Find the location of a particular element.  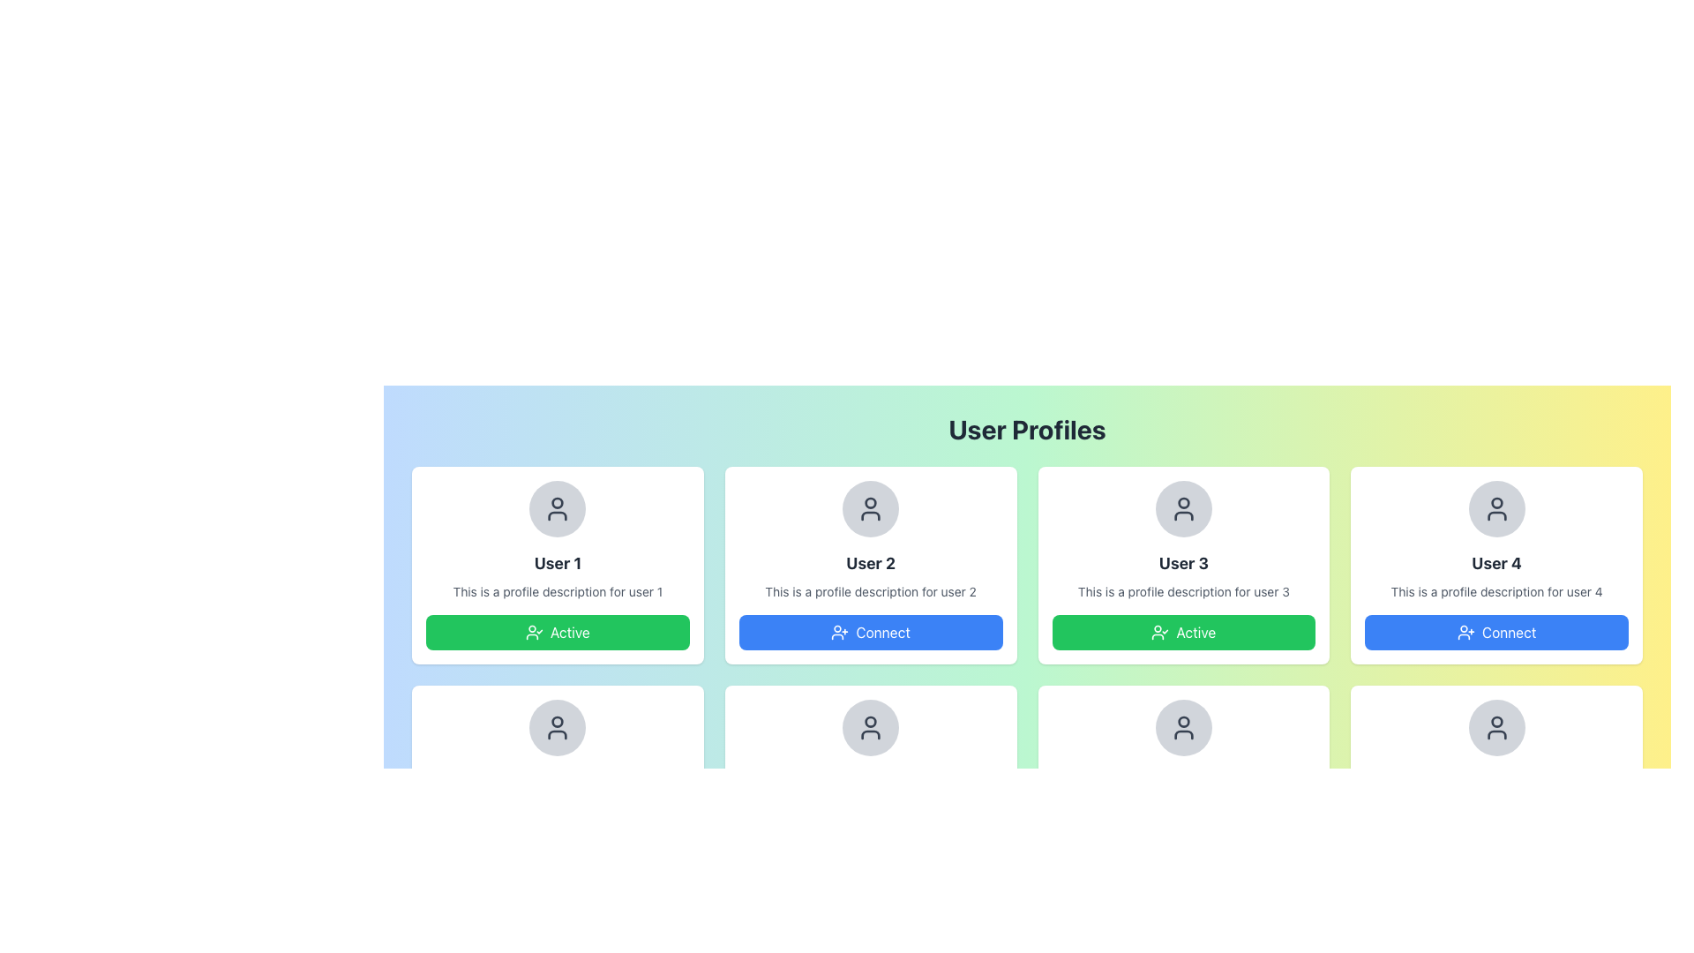

the user avatar icon located beneath the 'User 2' text in the second user card from the left is located at coordinates (871, 509).